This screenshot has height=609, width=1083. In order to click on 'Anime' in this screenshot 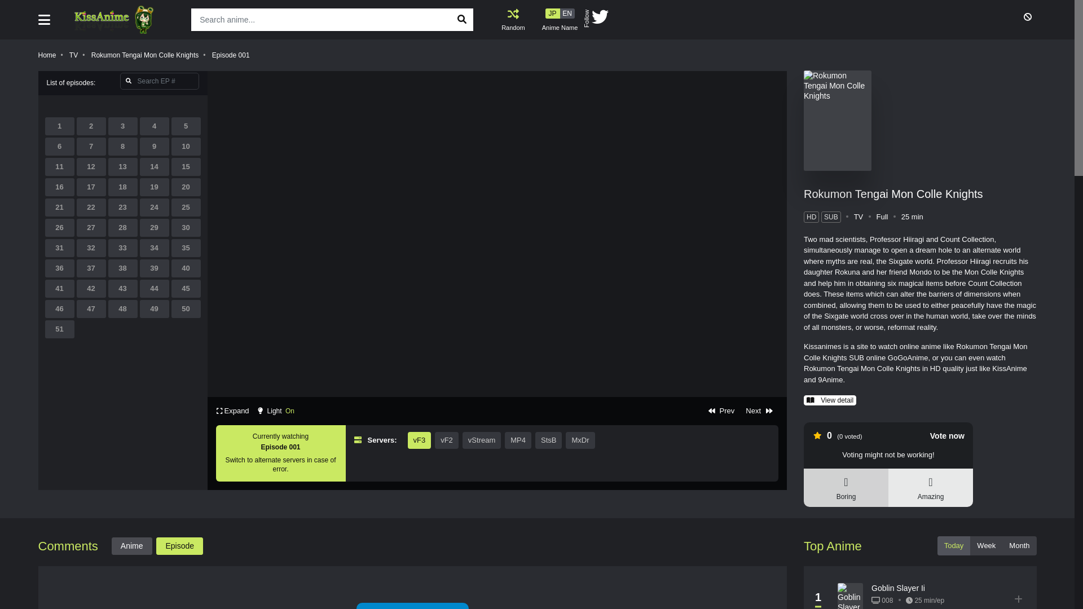, I will do `click(132, 545)`.